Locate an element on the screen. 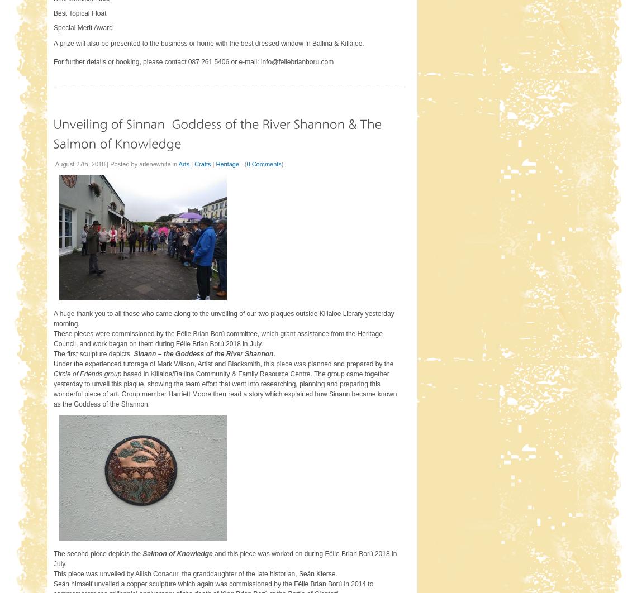 The width and height of the screenshot is (637, 593). 'in' is located at coordinates (174, 163).